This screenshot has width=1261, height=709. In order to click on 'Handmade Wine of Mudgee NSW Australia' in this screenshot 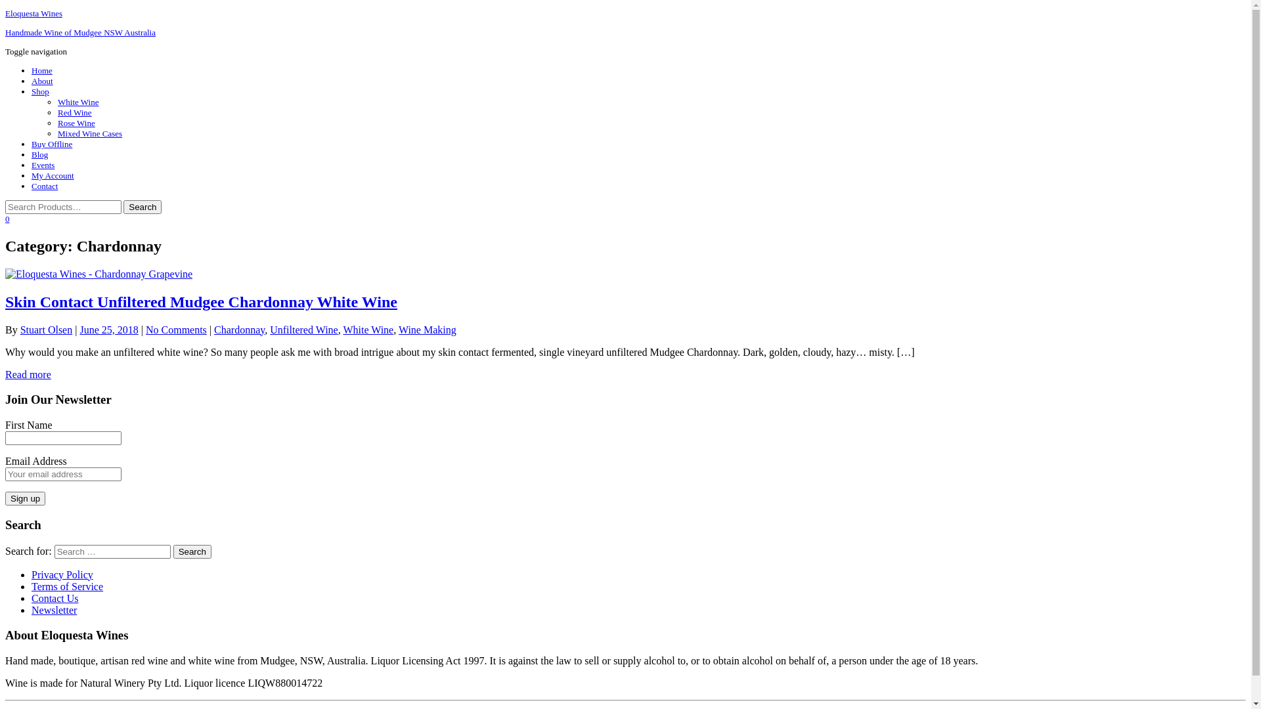, I will do `click(5, 32)`.